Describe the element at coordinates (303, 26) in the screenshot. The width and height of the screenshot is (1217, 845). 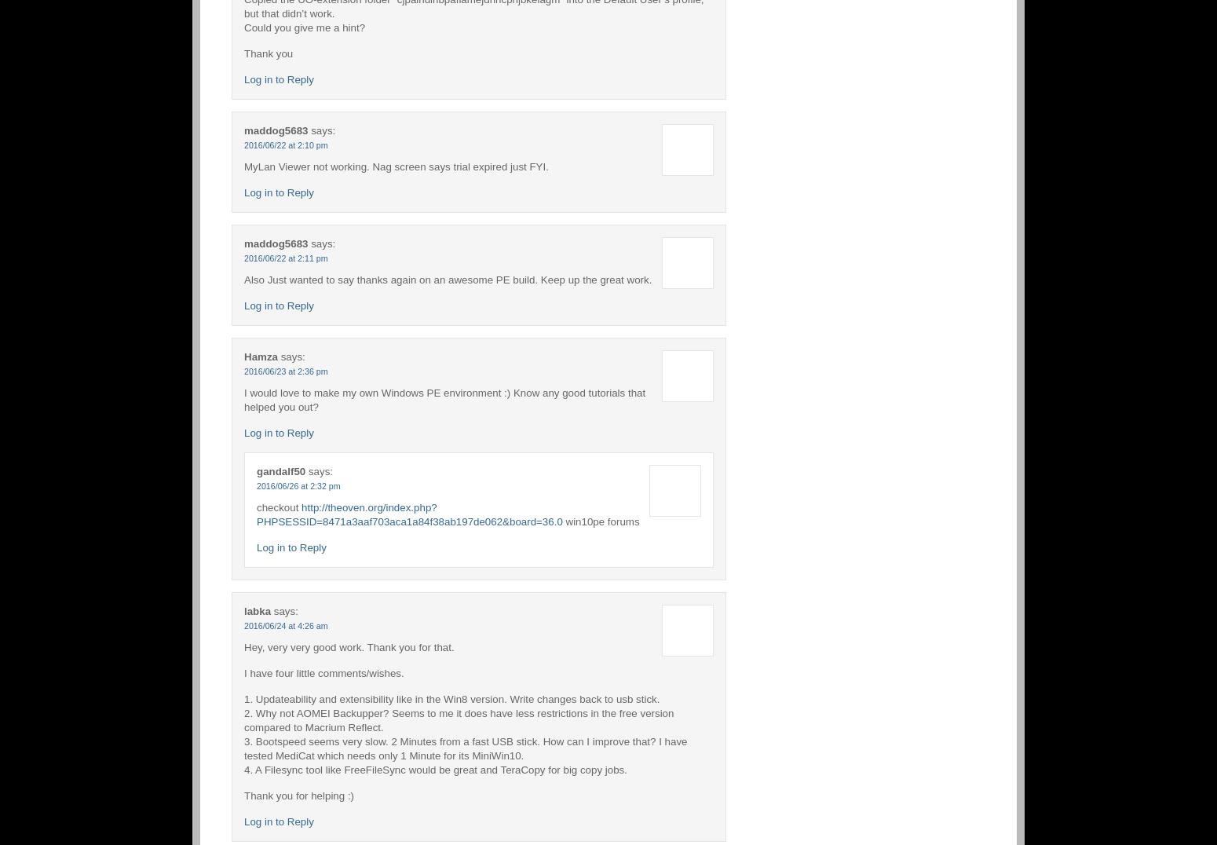
I see `'Could you give me a hint?'` at that location.